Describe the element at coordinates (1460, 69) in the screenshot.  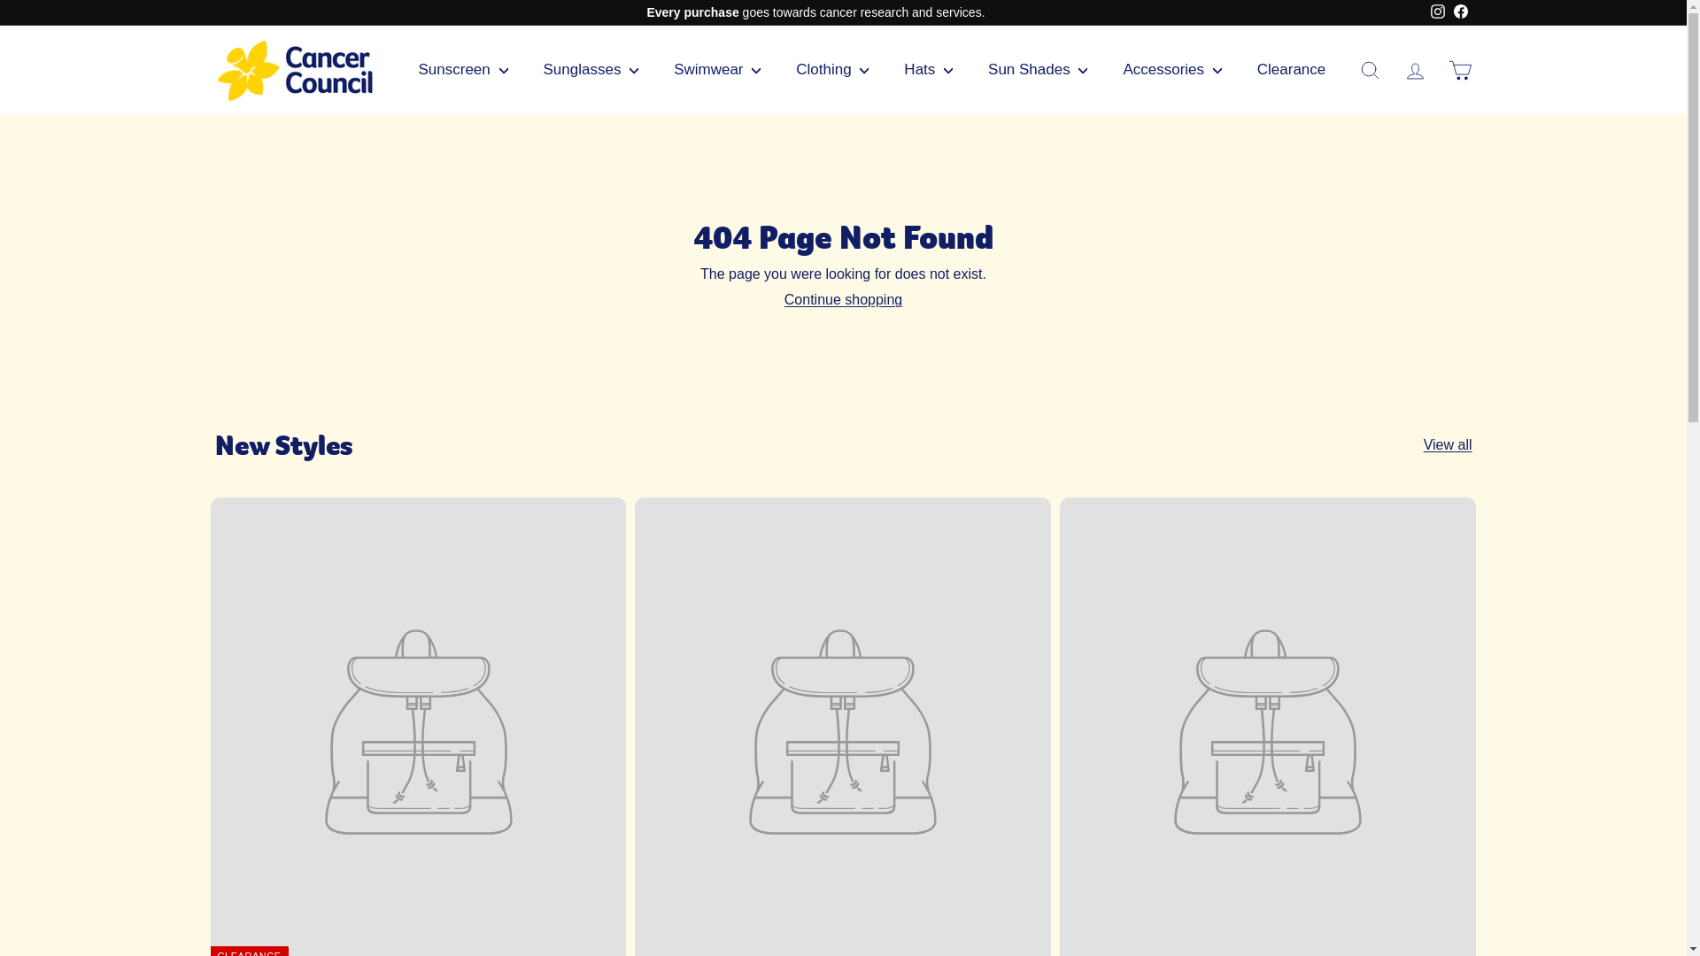
I see `'Cart'` at that location.